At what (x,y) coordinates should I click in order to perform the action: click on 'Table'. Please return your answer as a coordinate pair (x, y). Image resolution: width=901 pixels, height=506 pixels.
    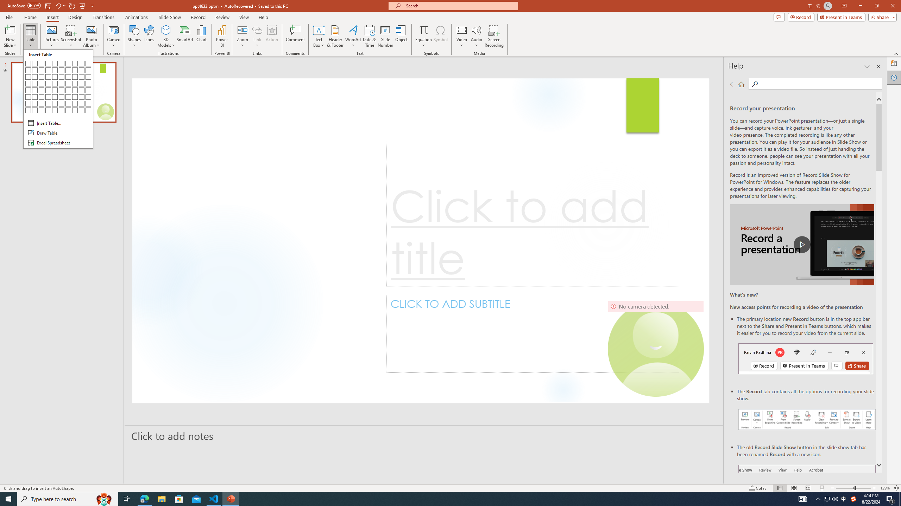
    Looking at the image, I should click on (30, 36).